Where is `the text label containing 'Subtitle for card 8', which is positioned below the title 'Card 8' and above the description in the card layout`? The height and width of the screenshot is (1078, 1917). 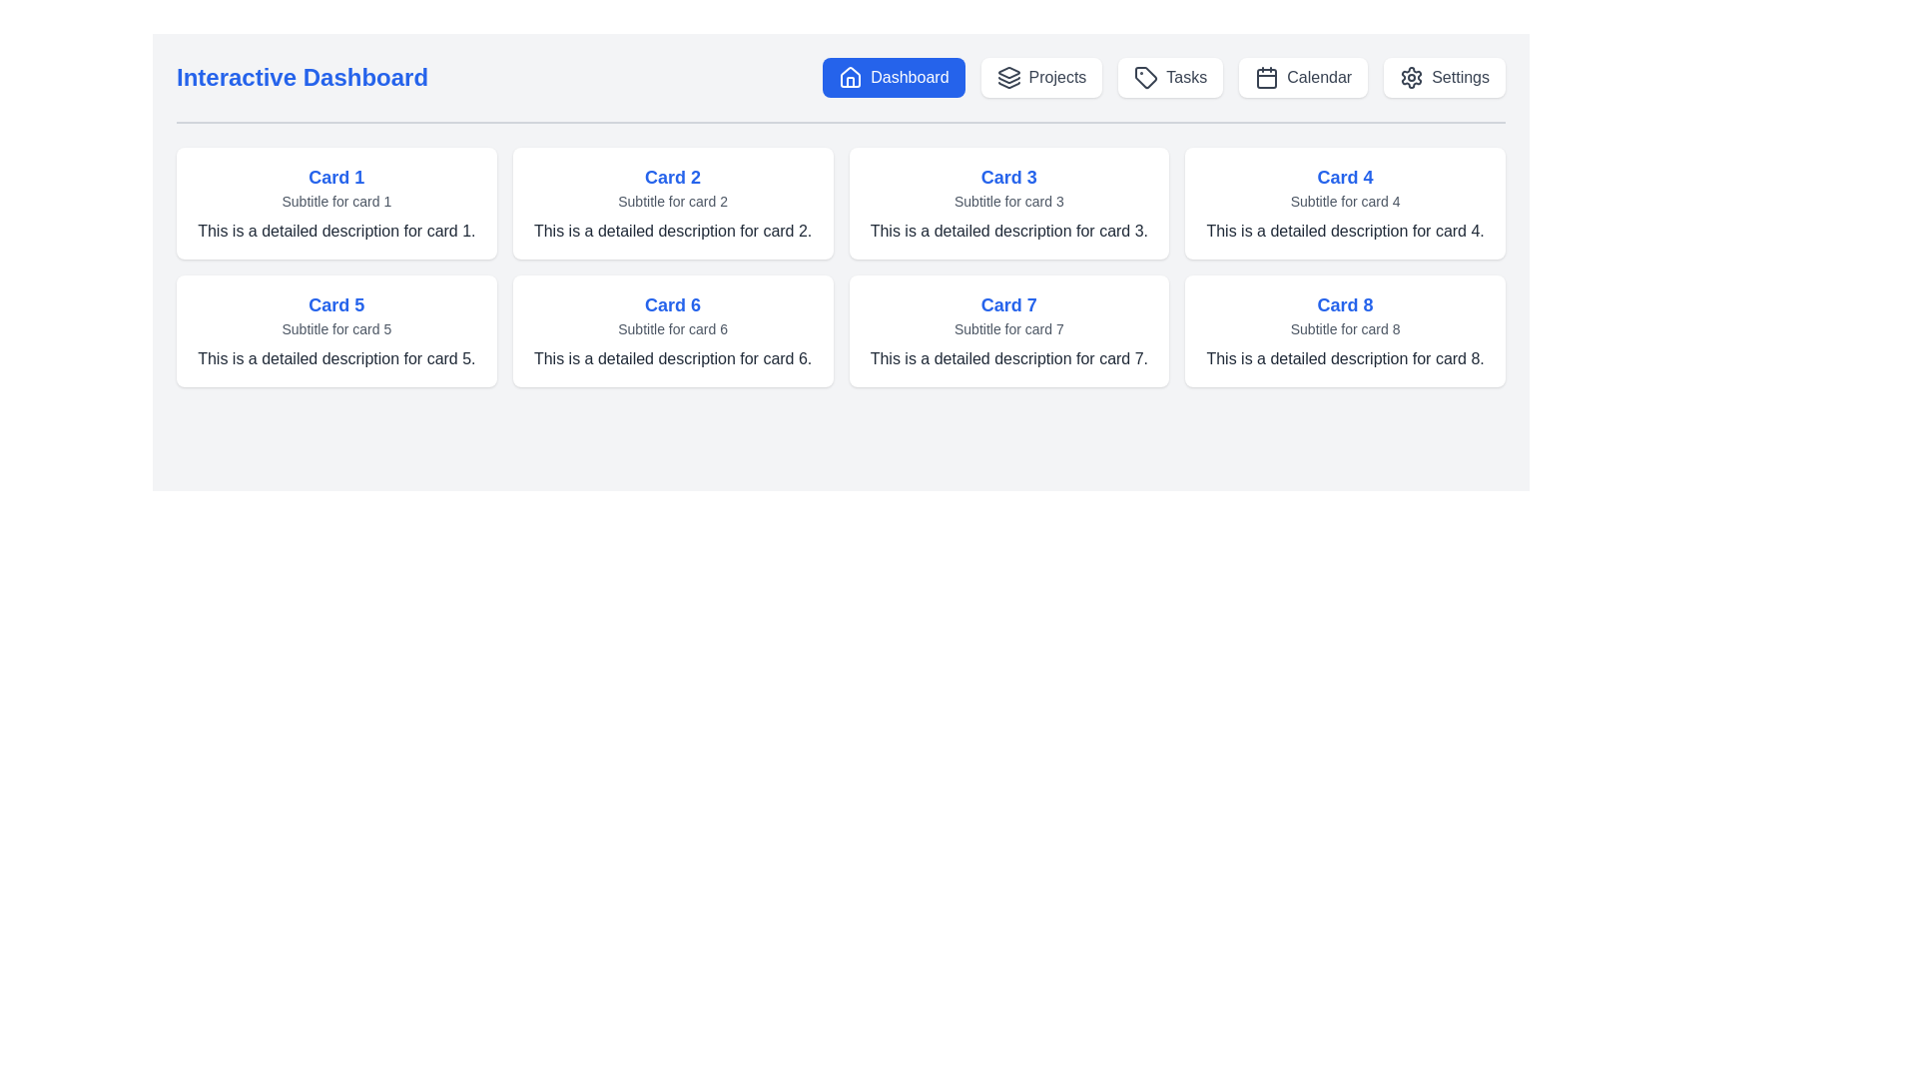
the text label containing 'Subtitle for card 8', which is positioned below the title 'Card 8' and above the description in the card layout is located at coordinates (1345, 328).